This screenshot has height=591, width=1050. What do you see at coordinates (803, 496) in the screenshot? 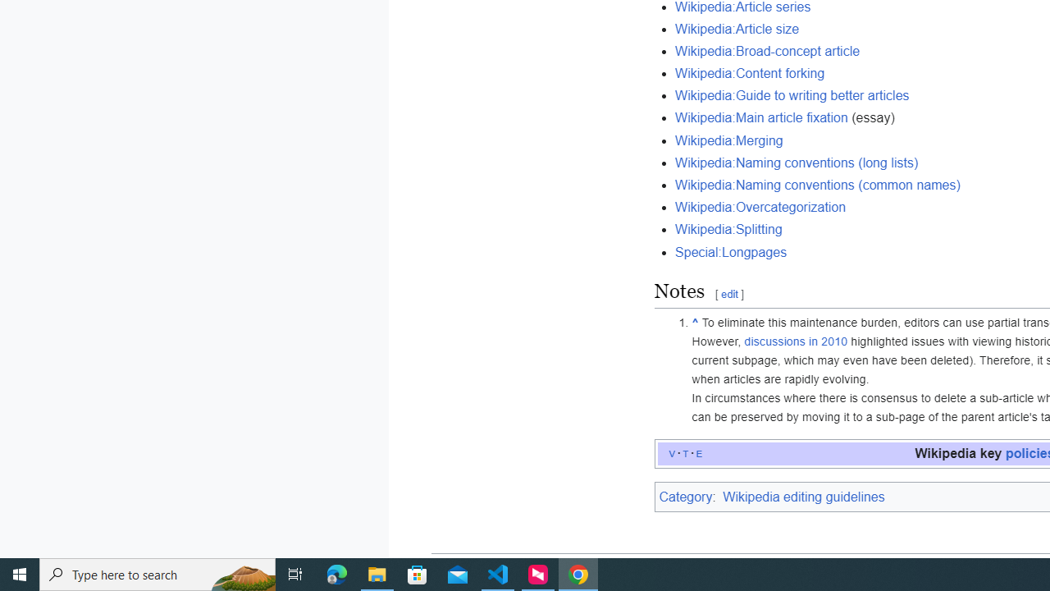
I see `'Wikipedia editing guidelines'` at bounding box center [803, 496].